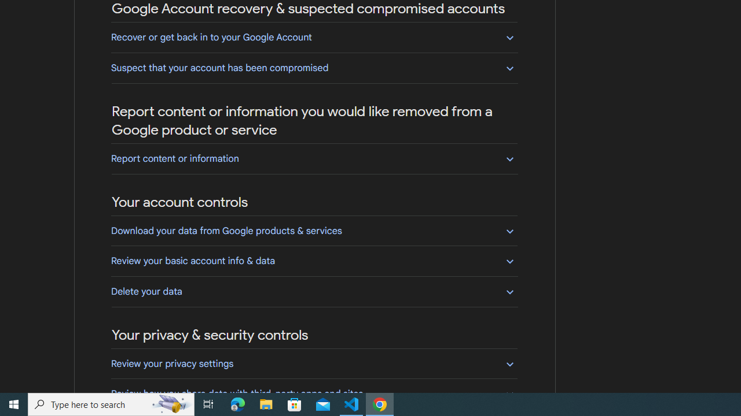 The image size is (741, 416). What do you see at coordinates (314, 36) in the screenshot?
I see `'Recover or get back in to your Google Account'` at bounding box center [314, 36].